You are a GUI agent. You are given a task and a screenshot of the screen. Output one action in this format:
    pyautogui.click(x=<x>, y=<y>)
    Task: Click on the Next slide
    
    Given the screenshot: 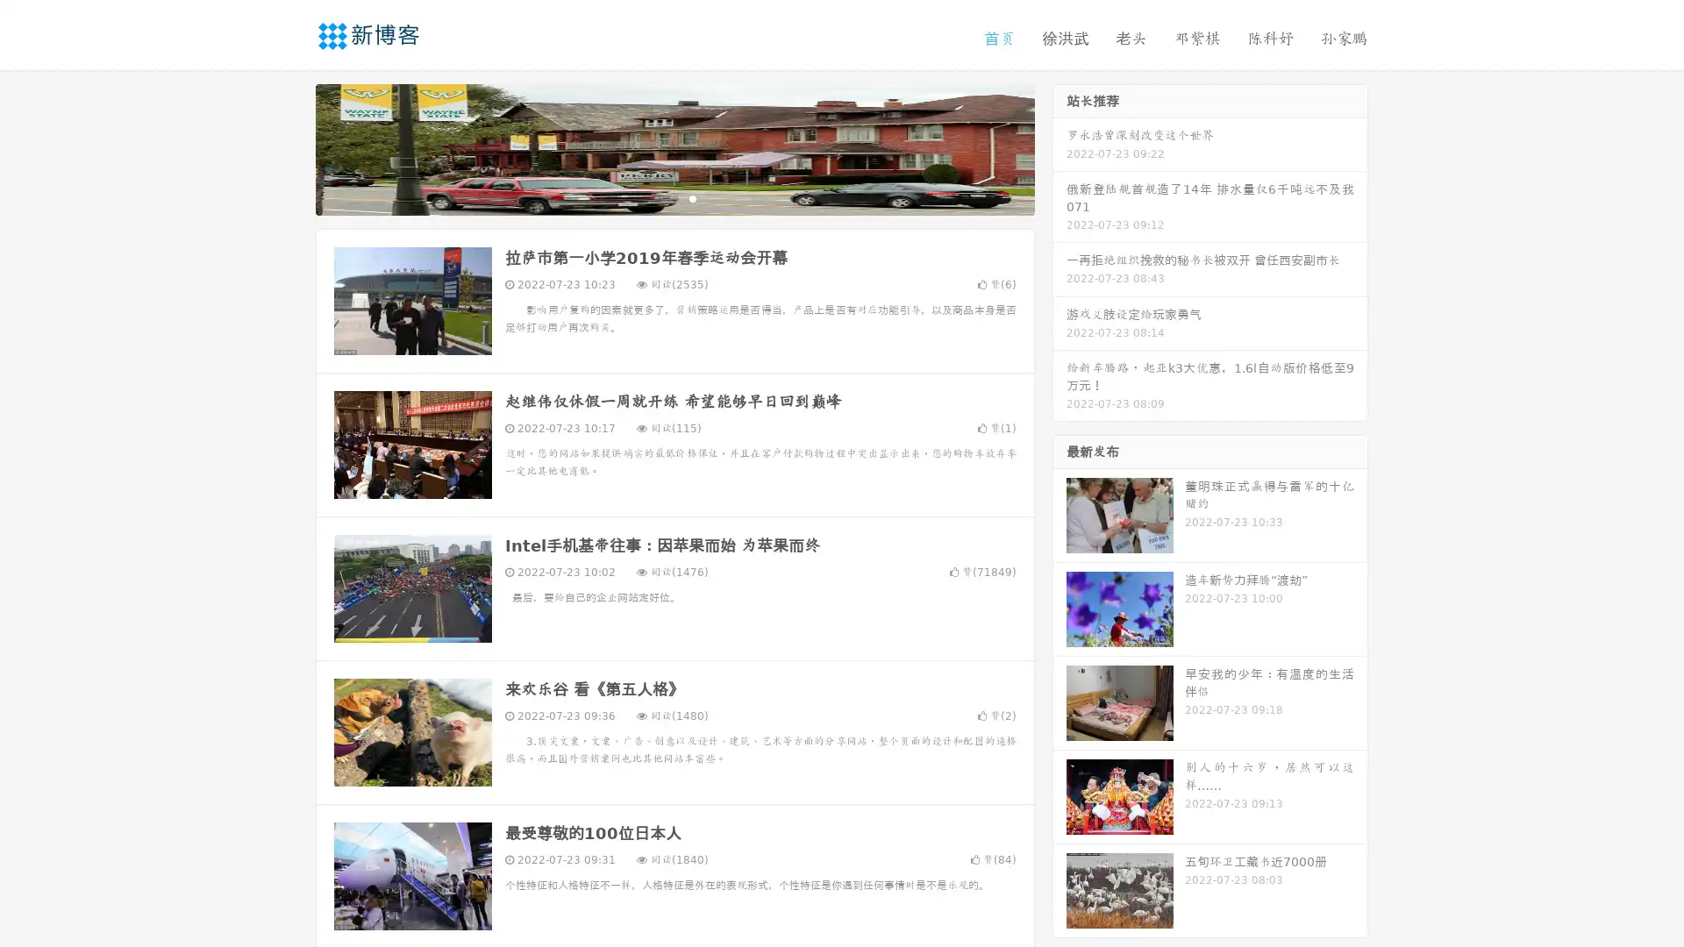 What is the action you would take?
    pyautogui.click(x=1060, y=147)
    